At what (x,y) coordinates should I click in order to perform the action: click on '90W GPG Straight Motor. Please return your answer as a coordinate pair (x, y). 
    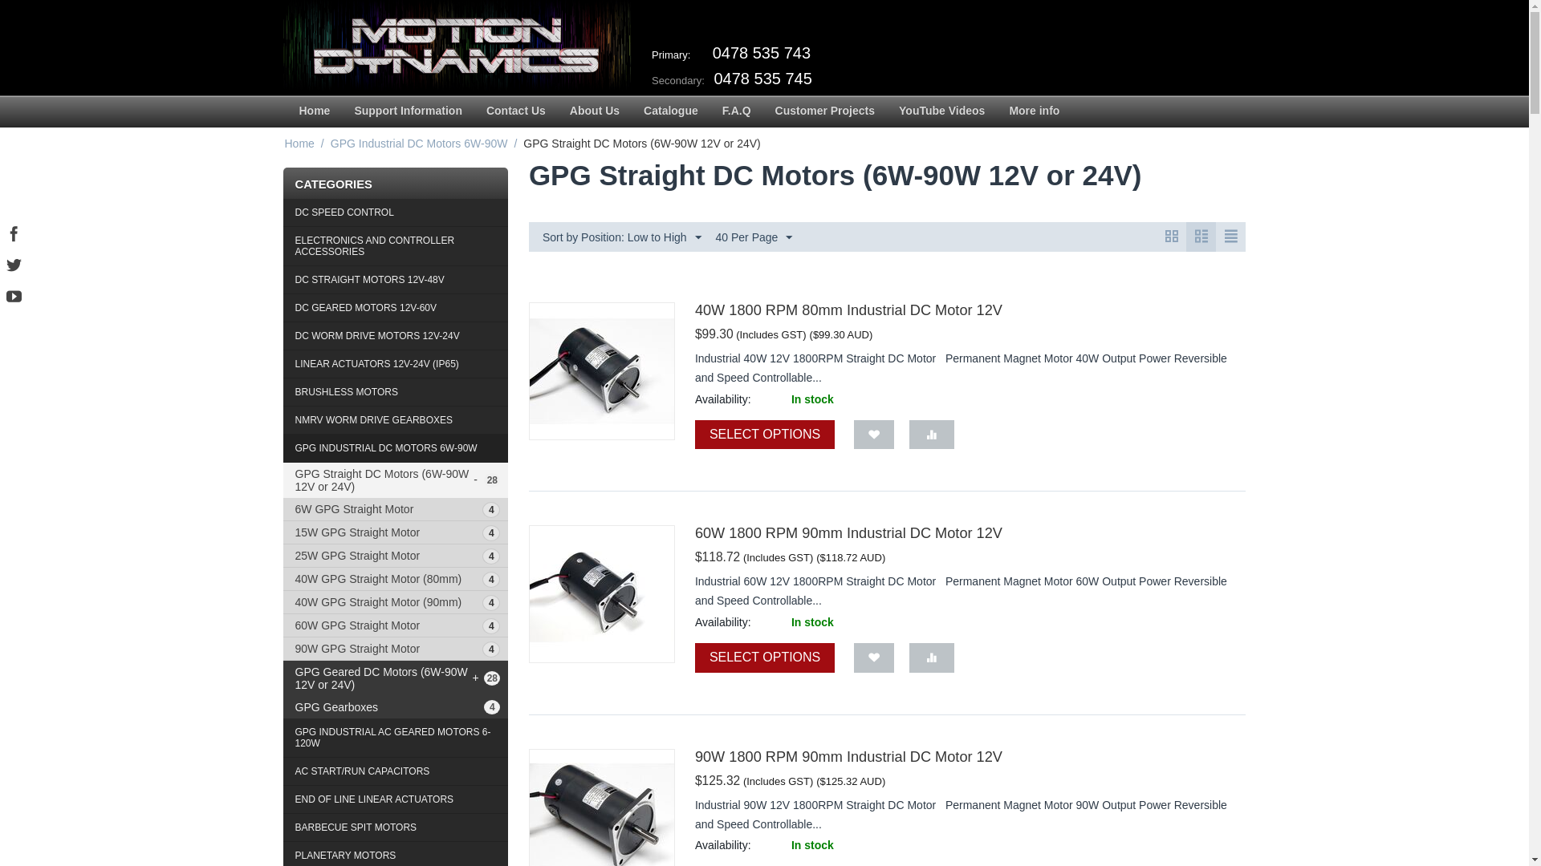
    Looking at the image, I should click on (395, 648).